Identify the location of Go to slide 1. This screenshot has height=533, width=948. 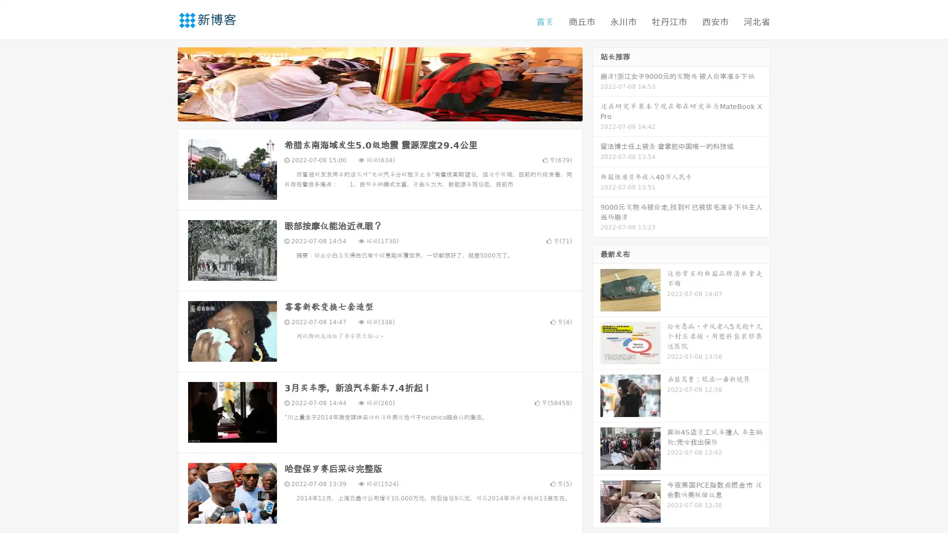
(369, 111).